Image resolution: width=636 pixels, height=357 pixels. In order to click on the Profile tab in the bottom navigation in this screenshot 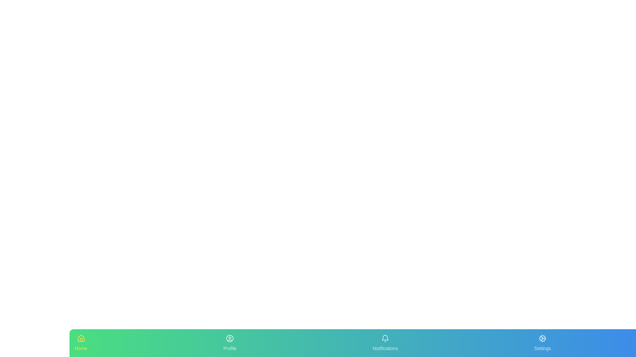, I will do `click(230, 342)`.